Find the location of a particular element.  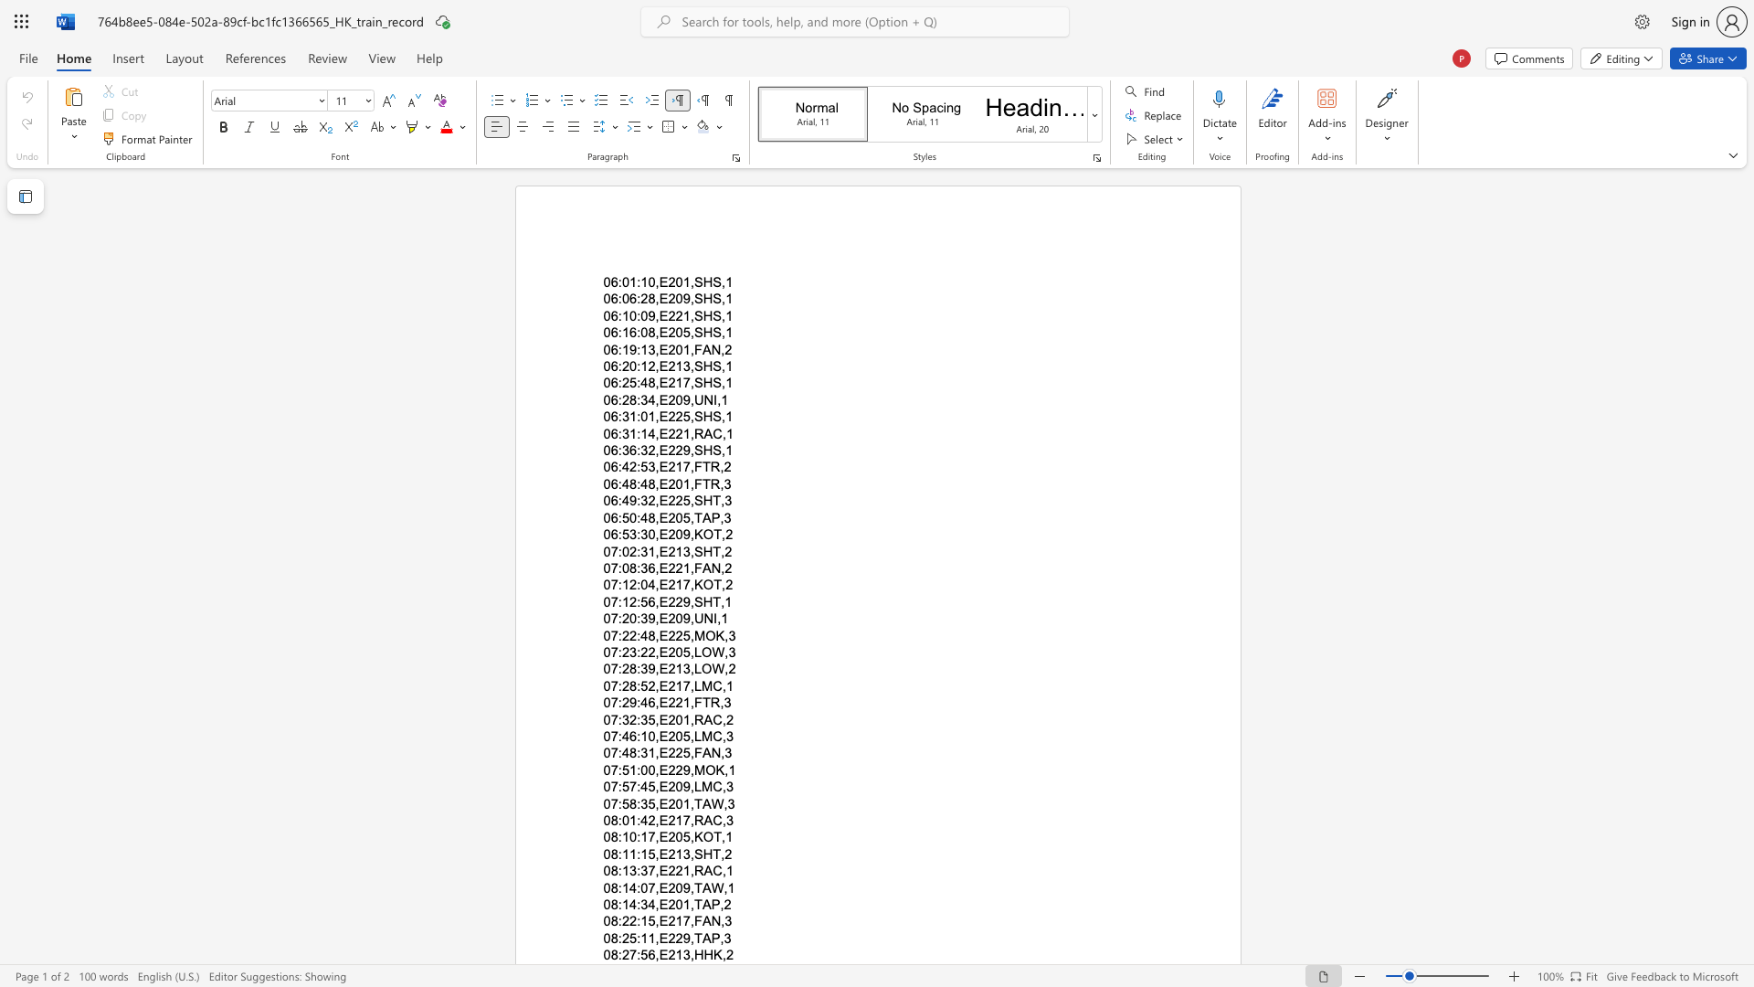

the subset text "S," within the text "06:16:08,E205,SHS,1" is located at coordinates (712, 333).